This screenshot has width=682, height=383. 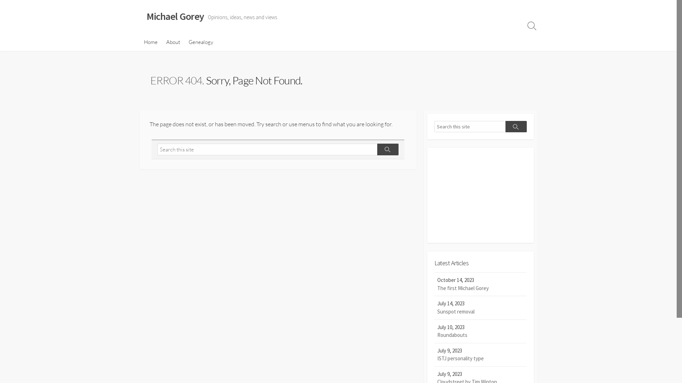 I want to click on 'About', so click(x=173, y=42).